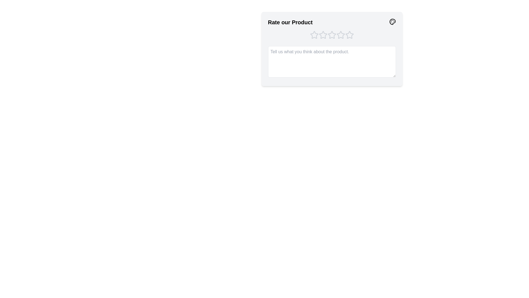 This screenshot has width=529, height=298. I want to click on the product rating to 2 stars by clicking on the corresponding star, so click(323, 35).